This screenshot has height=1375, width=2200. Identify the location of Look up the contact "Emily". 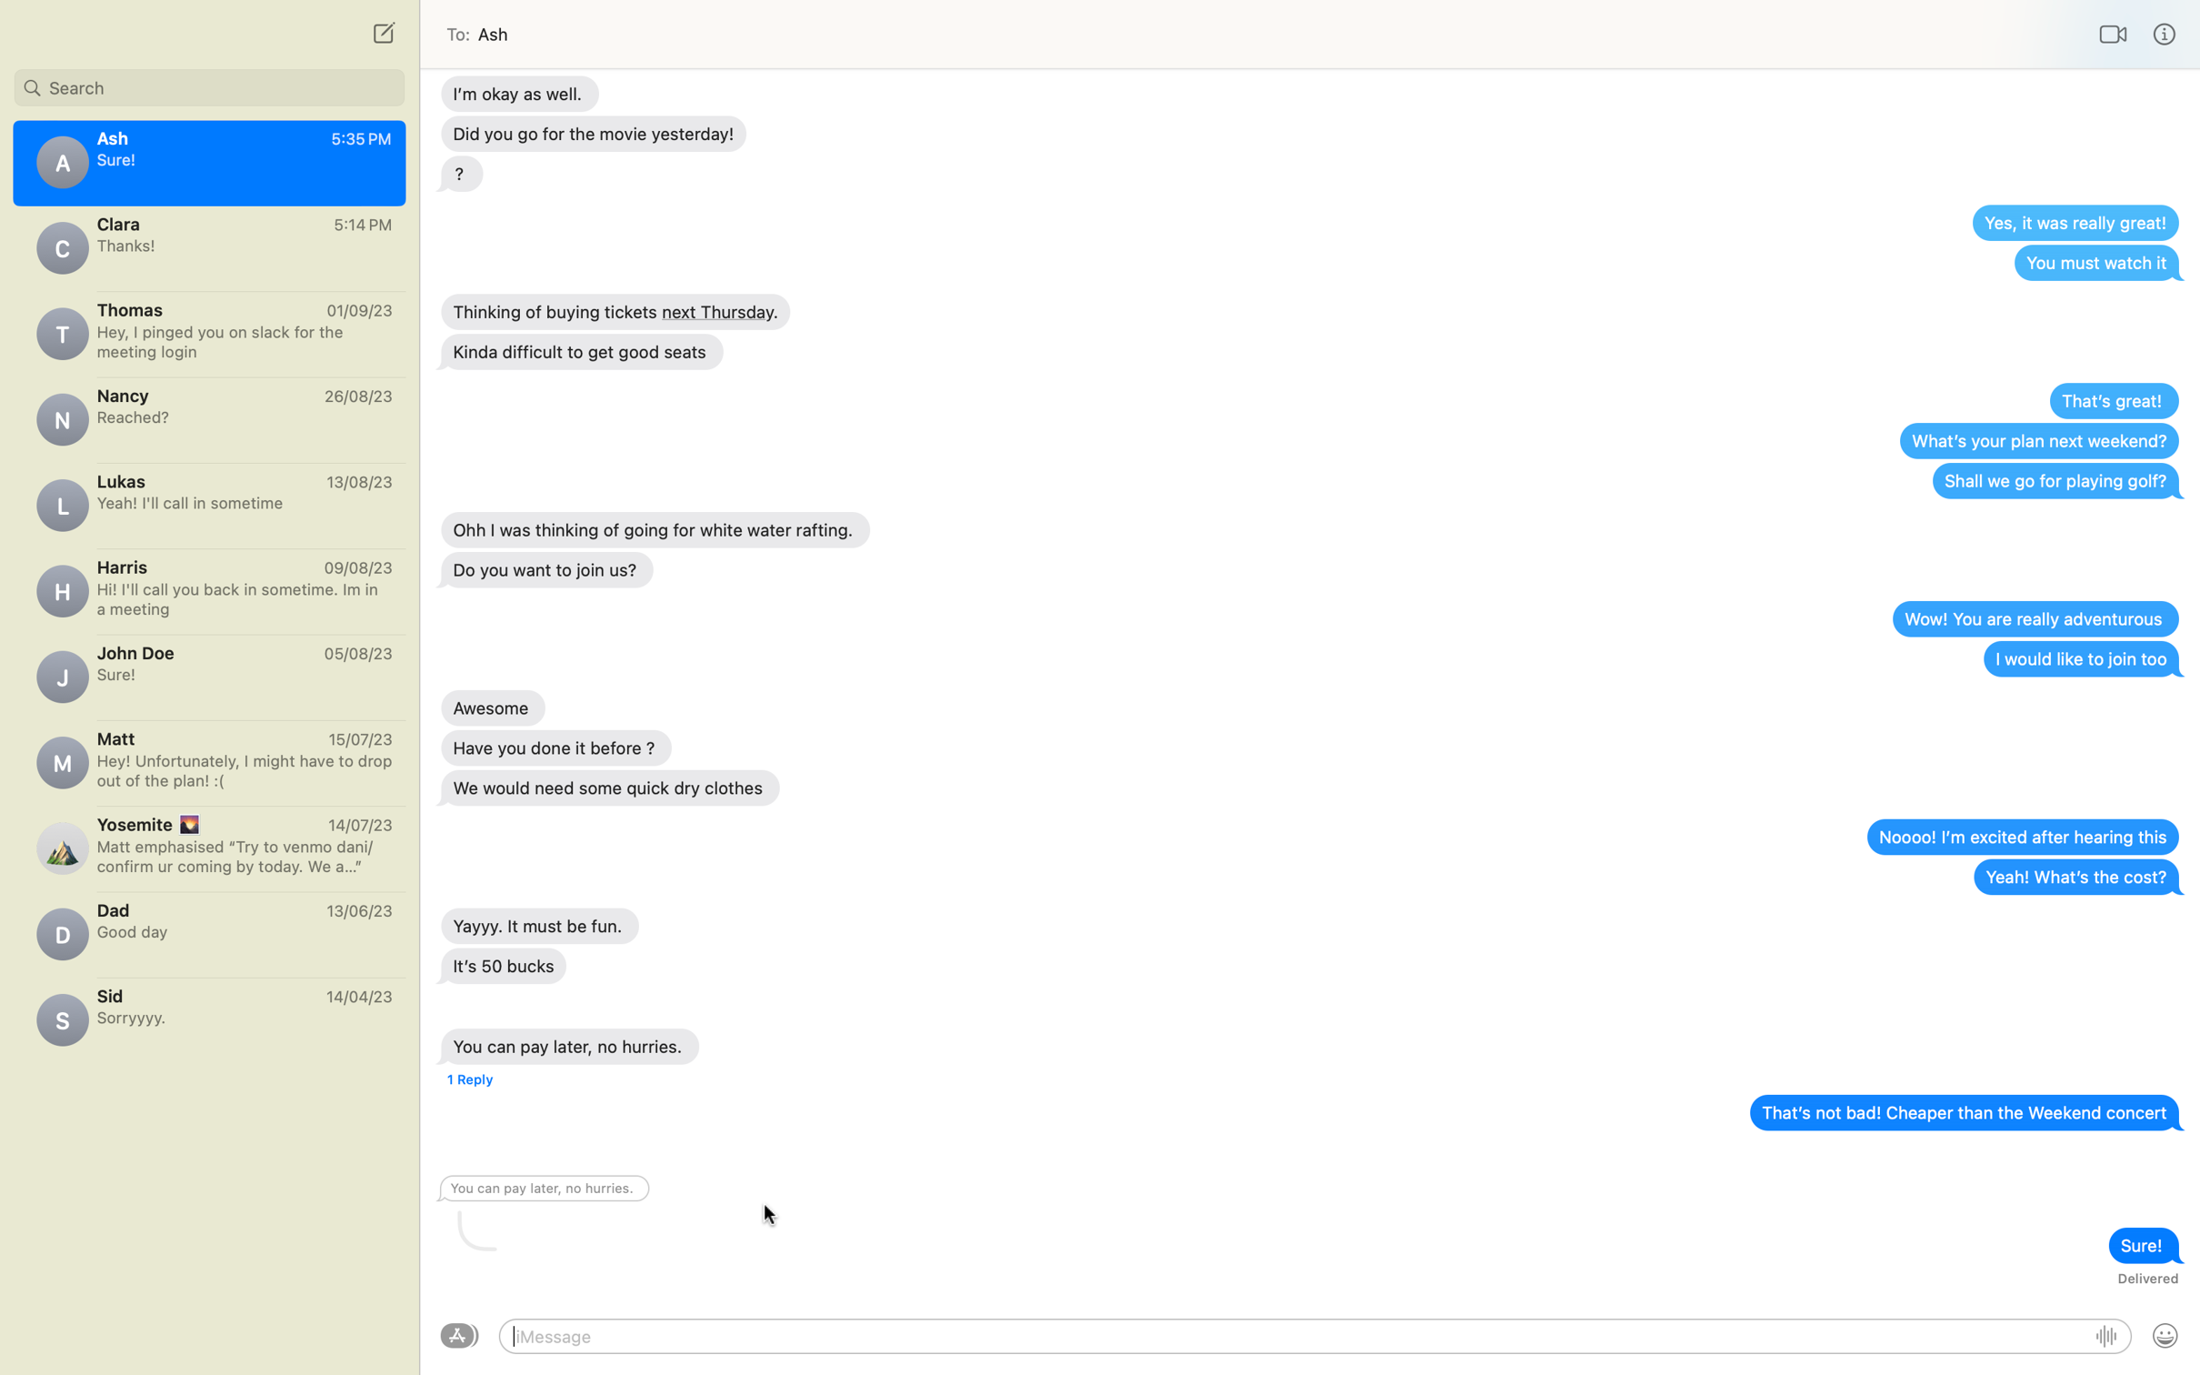
(208, 84).